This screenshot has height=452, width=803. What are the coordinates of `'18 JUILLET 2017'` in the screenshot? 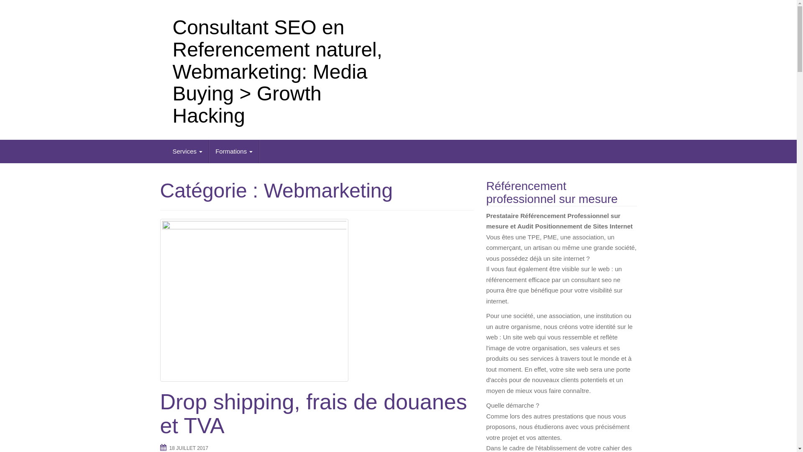 It's located at (188, 448).